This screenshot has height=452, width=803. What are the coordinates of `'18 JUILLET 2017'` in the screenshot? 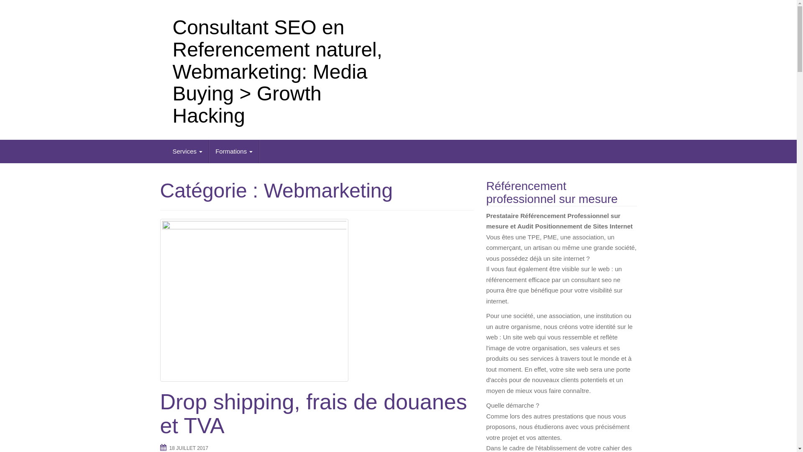 It's located at (188, 448).